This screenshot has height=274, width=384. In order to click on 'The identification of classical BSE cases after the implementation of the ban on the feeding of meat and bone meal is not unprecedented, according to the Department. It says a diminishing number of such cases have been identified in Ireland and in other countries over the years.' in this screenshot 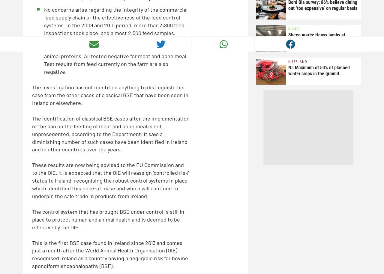, I will do `click(111, 133)`.